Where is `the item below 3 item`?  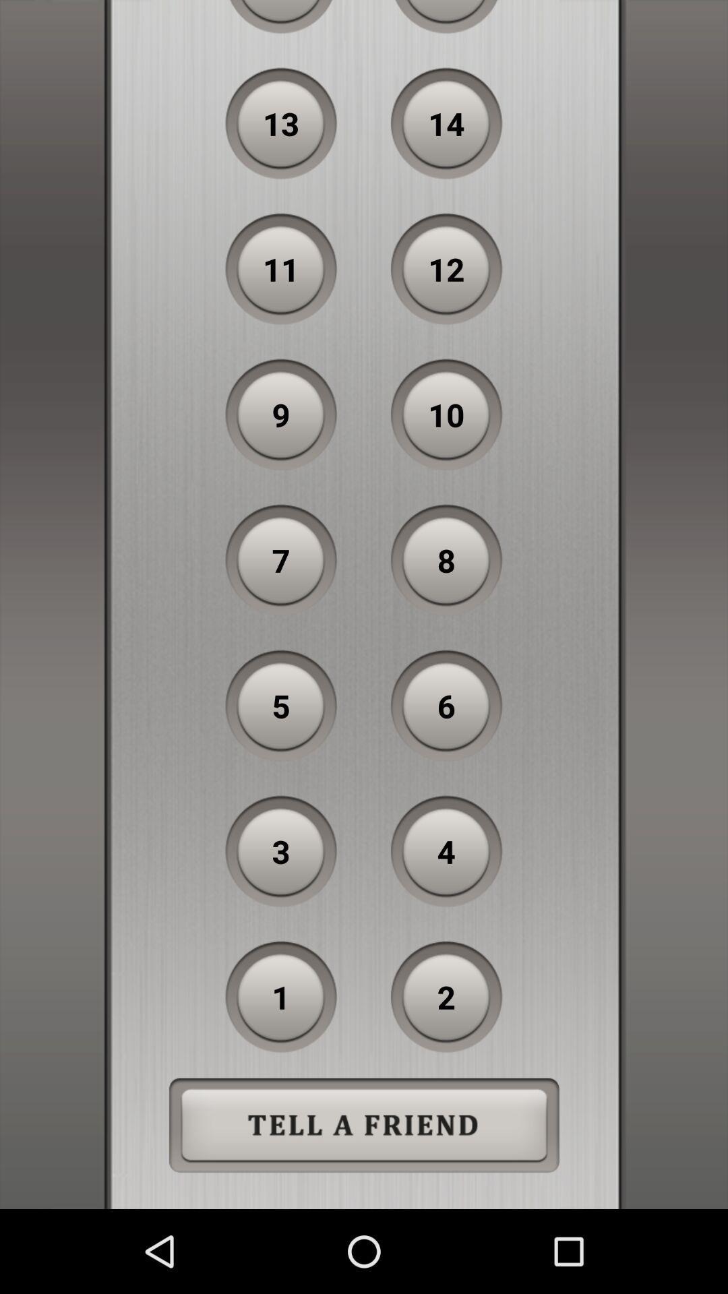
the item below 3 item is located at coordinates (280, 997).